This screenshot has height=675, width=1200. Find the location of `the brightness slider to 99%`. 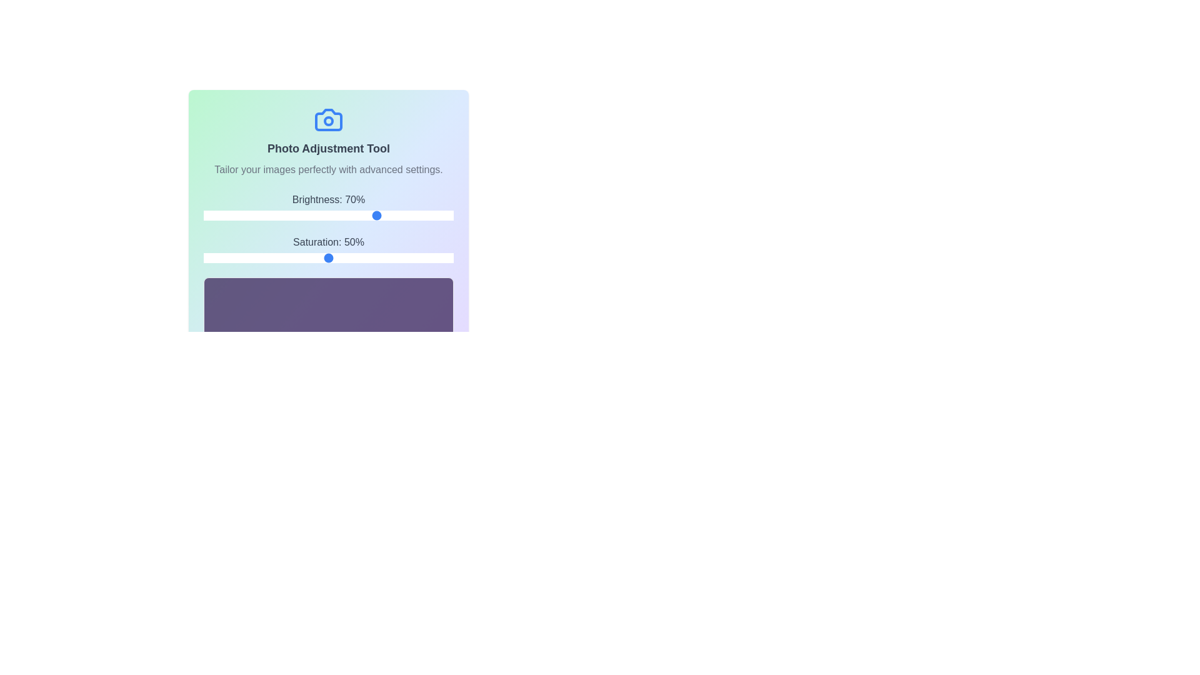

the brightness slider to 99% is located at coordinates (450, 214).